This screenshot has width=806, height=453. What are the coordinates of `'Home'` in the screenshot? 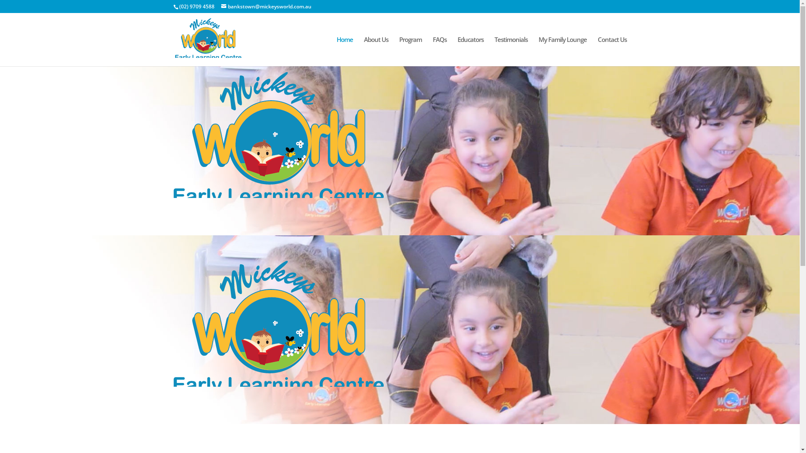 It's located at (345, 51).